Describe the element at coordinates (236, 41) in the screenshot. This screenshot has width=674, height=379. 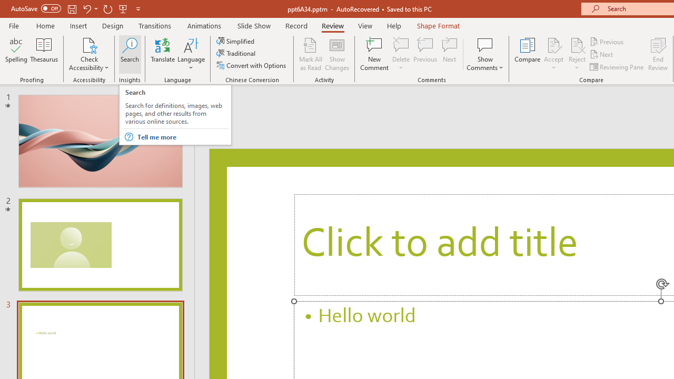
I see `'Simplified'` at that location.